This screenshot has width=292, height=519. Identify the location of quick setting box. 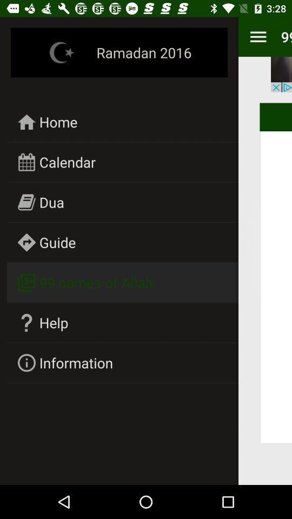
(257, 37).